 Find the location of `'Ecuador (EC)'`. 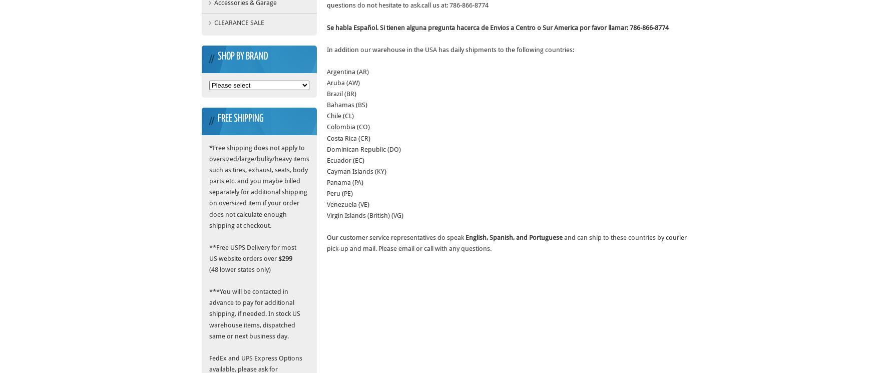

'Ecuador (EC)' is located at coordinates (345, 159).